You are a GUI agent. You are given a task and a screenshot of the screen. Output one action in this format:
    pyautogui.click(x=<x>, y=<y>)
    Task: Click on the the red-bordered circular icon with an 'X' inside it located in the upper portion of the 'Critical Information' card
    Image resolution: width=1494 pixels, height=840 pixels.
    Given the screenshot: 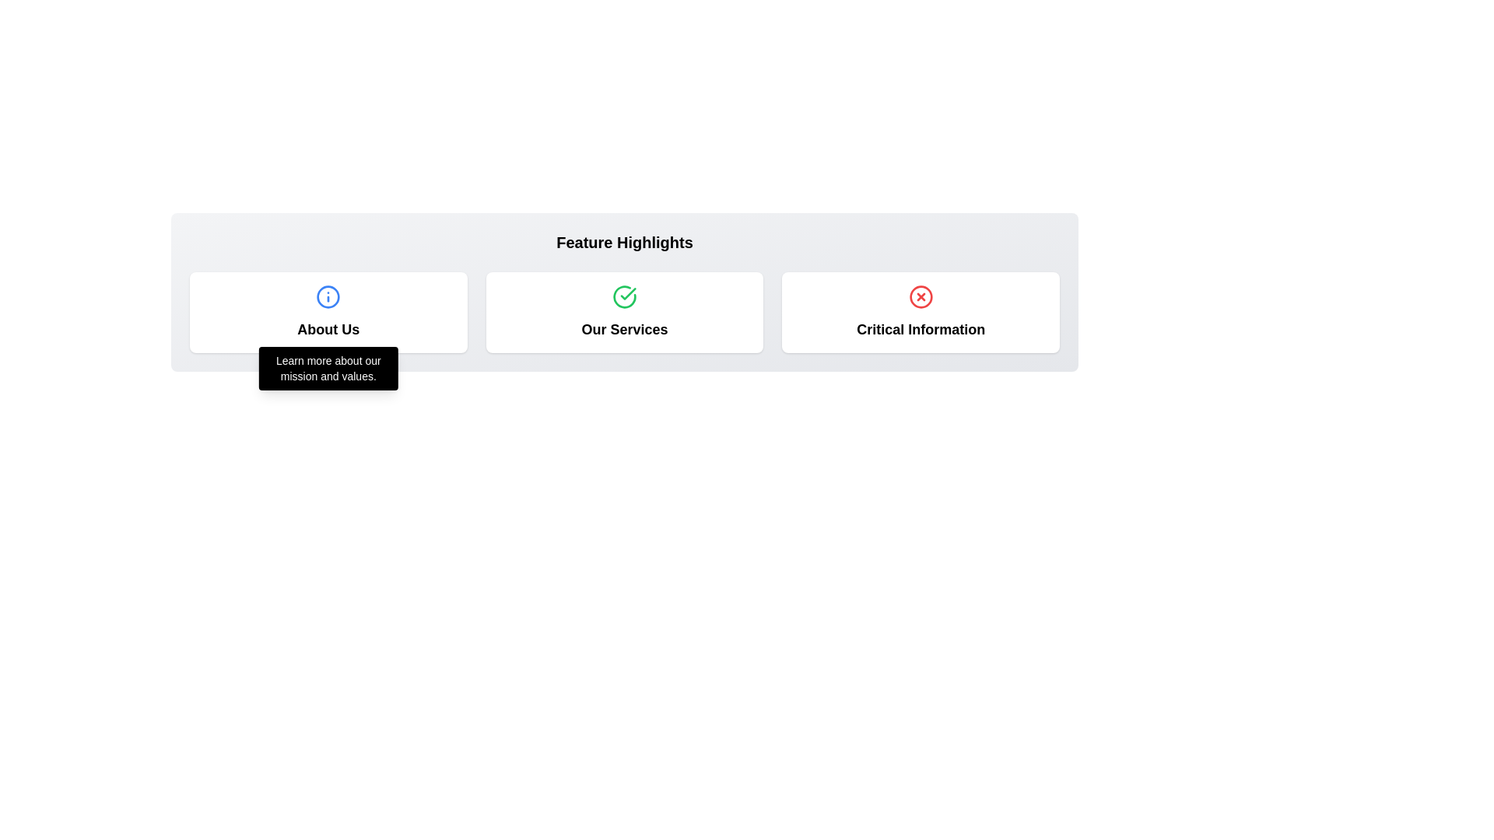 What is the action you would take?
    pyautogui.click(x=921, y=296)
    